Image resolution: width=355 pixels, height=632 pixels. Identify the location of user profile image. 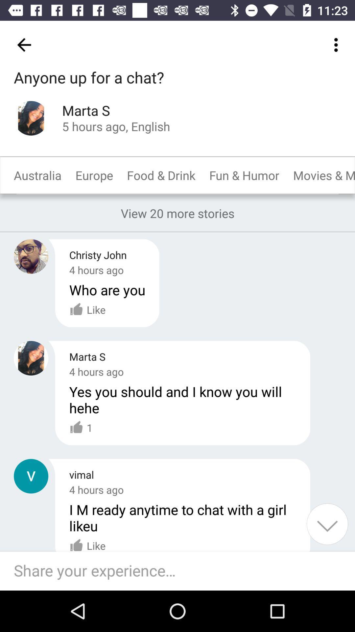
(31, 256).